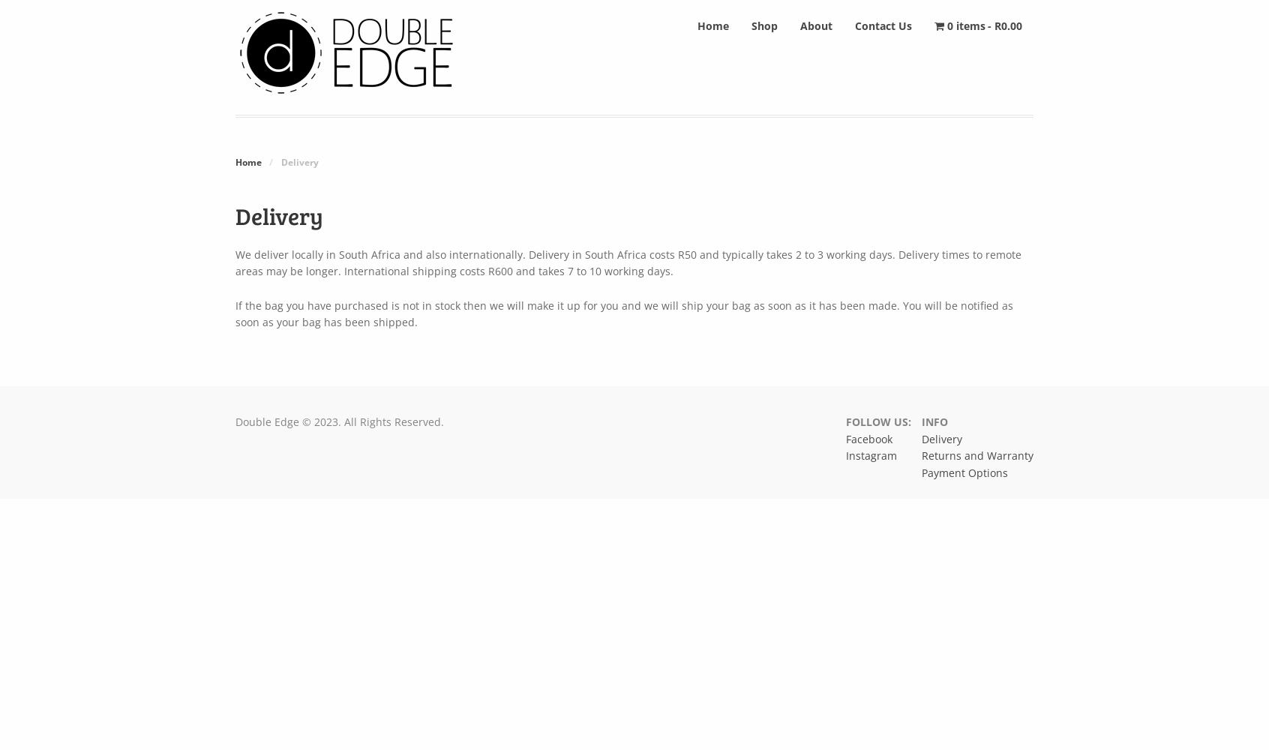 This screenshot has width=1269, height=750. Describe the element at coordinates (963, 472) in the screenshot. I see `'Payment Options'` at that location.